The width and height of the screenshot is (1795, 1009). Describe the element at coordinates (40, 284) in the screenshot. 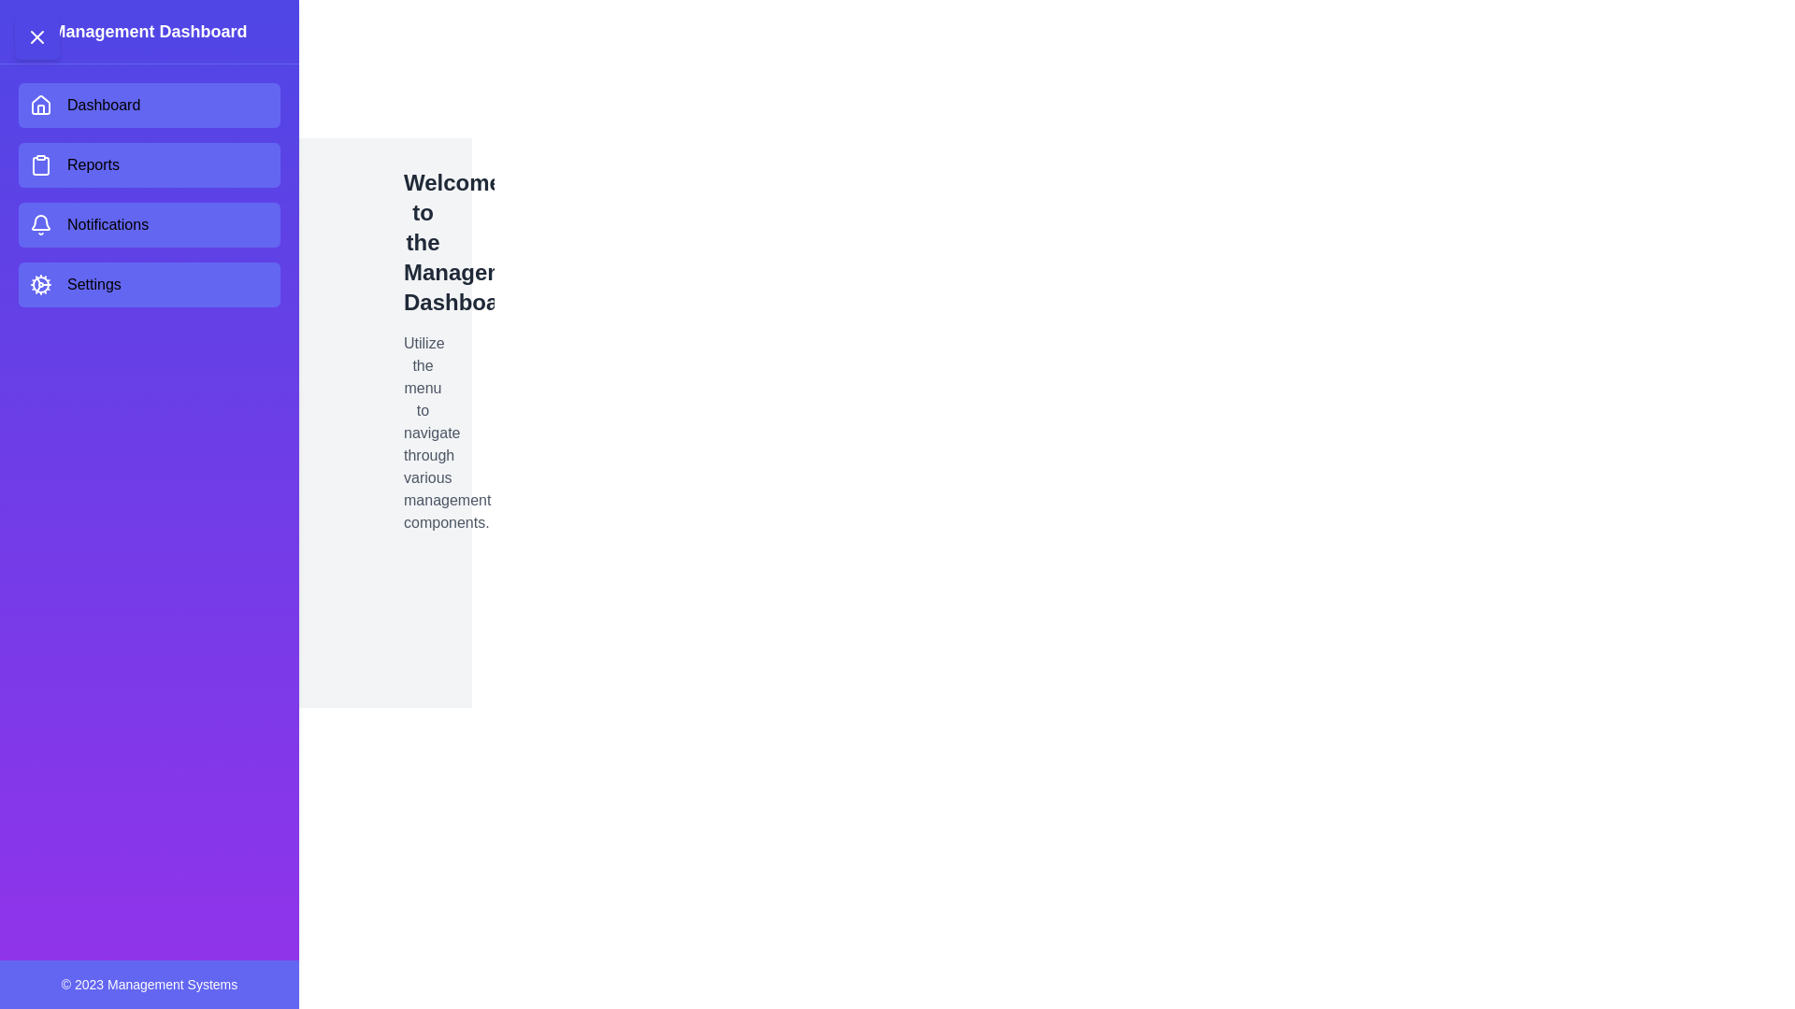

I see `the innermost circular part of the cog icon located in the settings menu` at that location.